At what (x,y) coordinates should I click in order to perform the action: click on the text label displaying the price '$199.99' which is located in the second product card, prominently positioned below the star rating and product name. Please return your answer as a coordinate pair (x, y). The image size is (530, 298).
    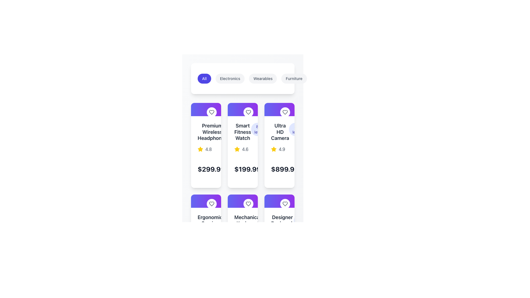
    Looking at the image, I should click on (247, 169).